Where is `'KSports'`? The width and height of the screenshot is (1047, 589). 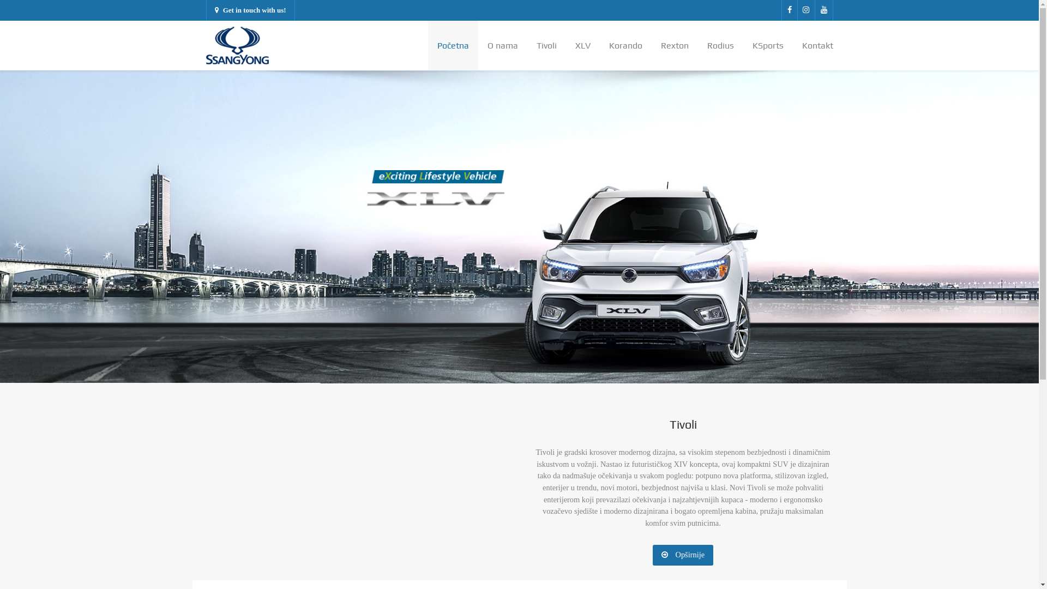
'KSports' is located at coordinates (767, 45).